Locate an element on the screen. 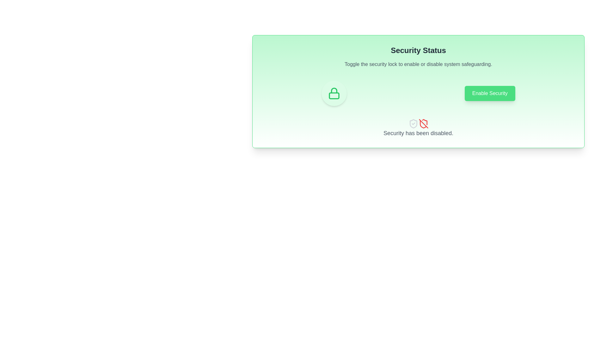 Image resolution: width=607 pixels, height=341 pixels. the circular light green icon featuring a lock symbol in its center, located near the upper-center part of the green panel, to the left of the 'Enable Security' button is located at coordinates (334, 93).